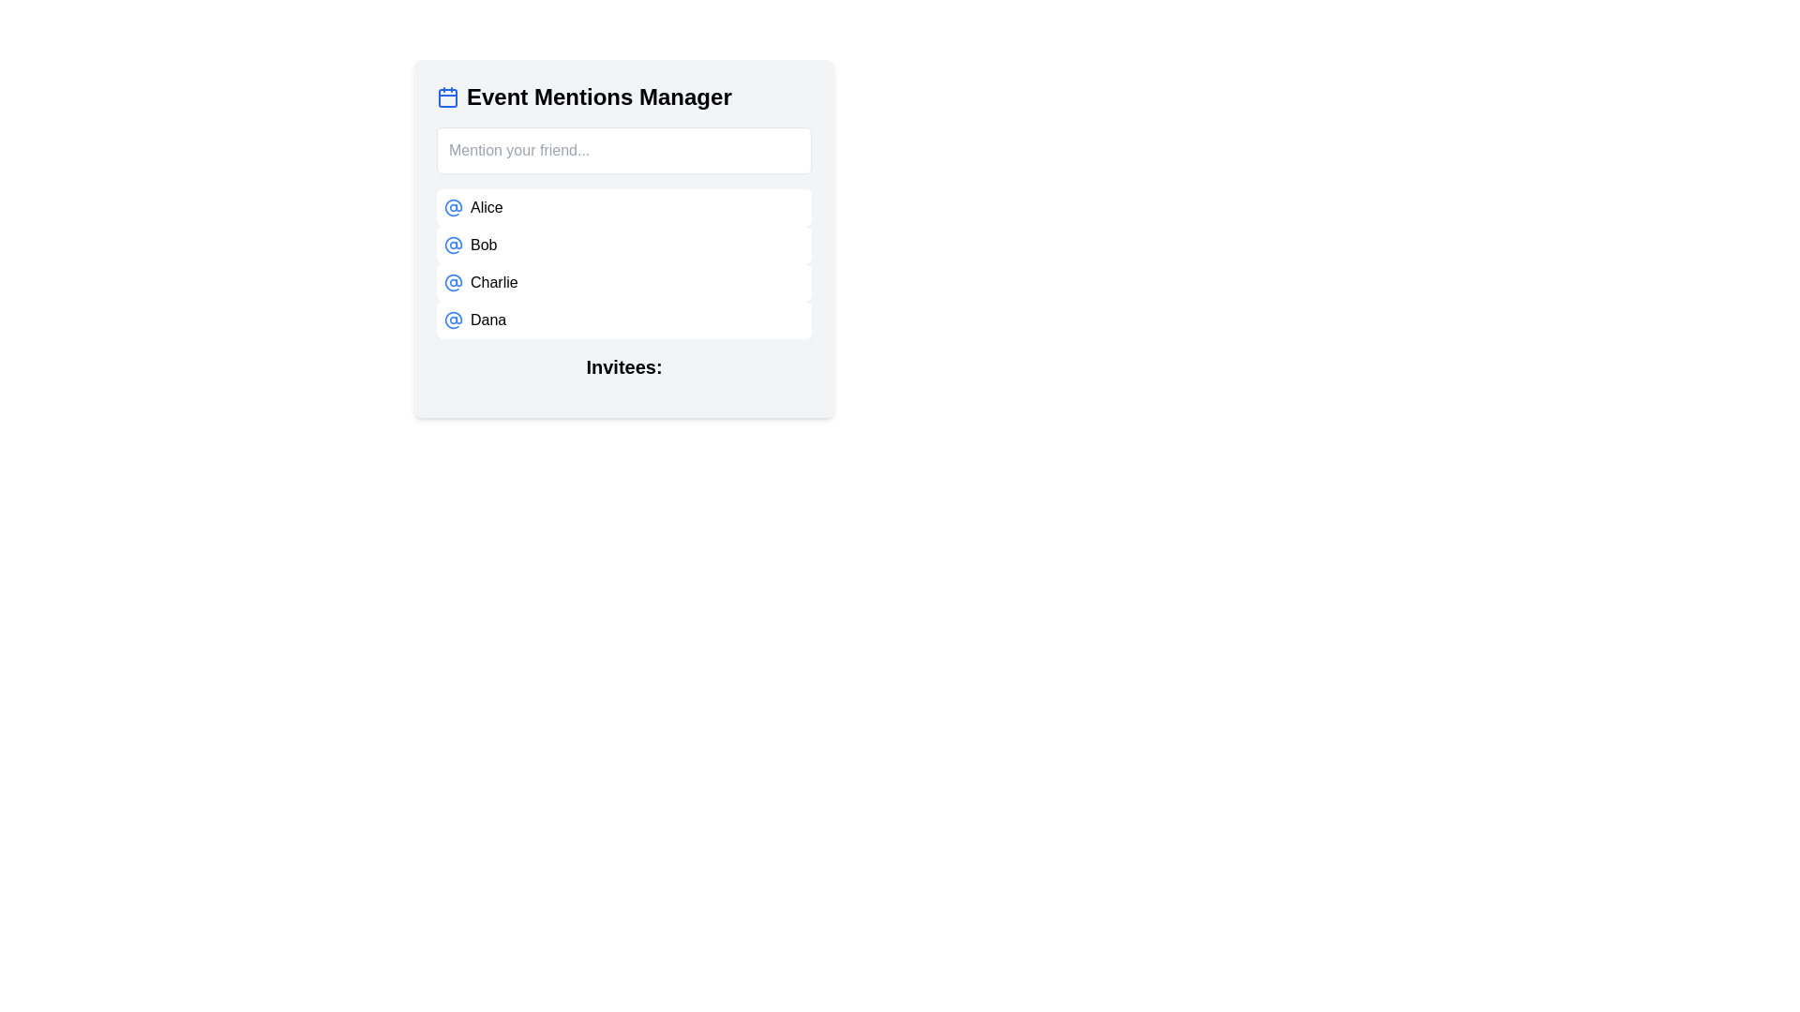 This screenshot has height=1012, width=1800. I want to click on the '@' icon located next to the name 'Charlie' in the third position of the list, so click(454, 282).